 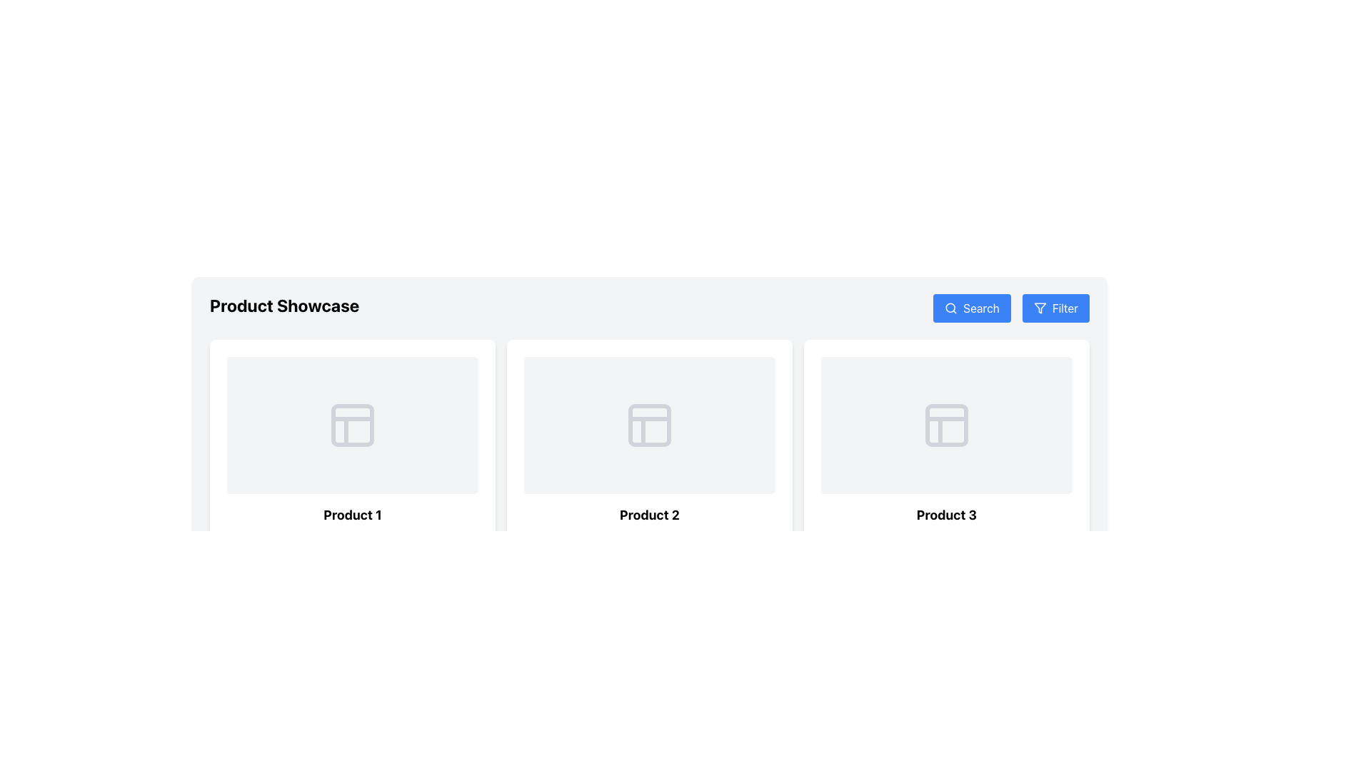 What do you see at coordinates (951, 308) in the screenshot?
I see `the search icon located within the 'Search' button in the top-right toolbar to initiate the search function` at bounding box center [951, 308].